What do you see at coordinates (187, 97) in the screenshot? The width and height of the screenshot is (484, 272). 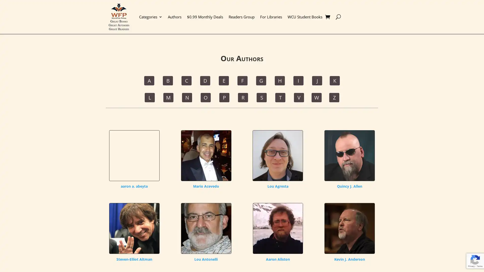 I see `N` at bounding box center [187, 97].